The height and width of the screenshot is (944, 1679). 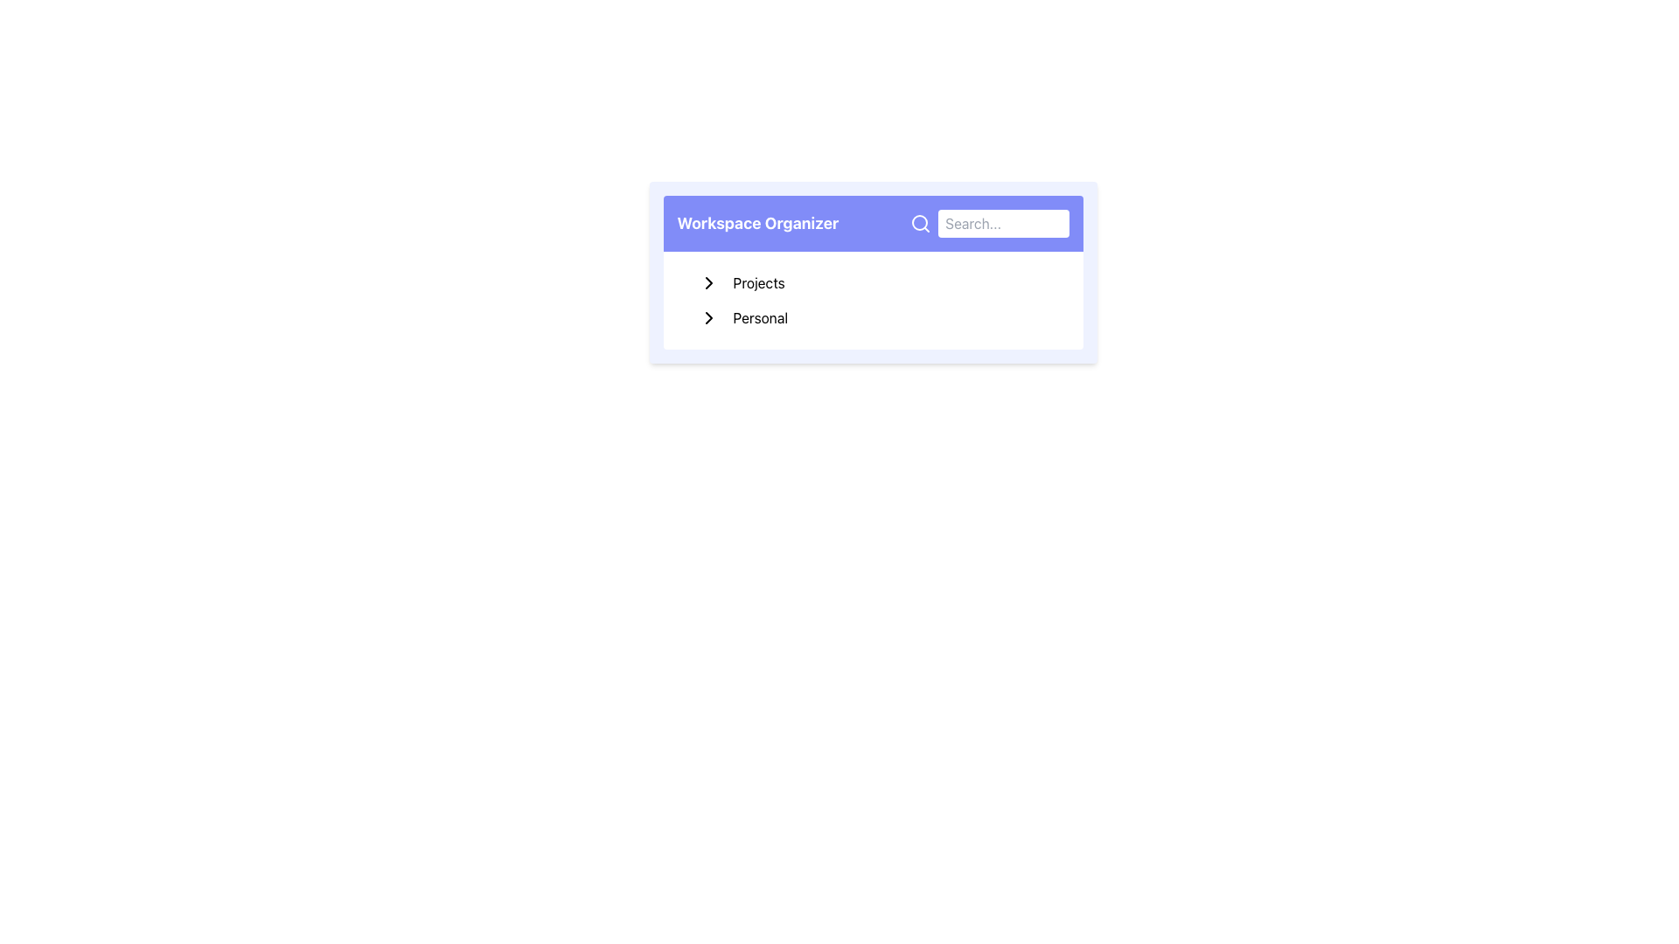 What do you see at coordinates (880, 317) in the screenshot?
I see `the 'Personal' navigation item, which is the second item in the 'Workspace Organizer' list located below the 'Projects' bar` at bounding box center [880, 317].